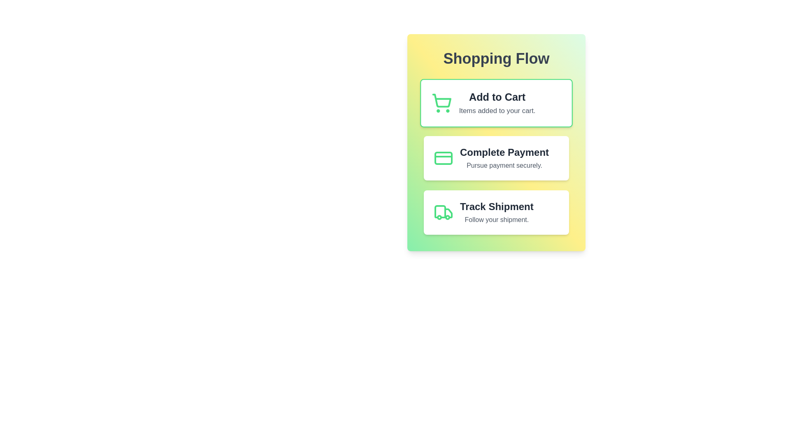 The height and width of the screenshot is (444, 790). Describe the element at coordinates (443, 212) in the screenshot. I see `the icon of the step Track Shipment` at that location.